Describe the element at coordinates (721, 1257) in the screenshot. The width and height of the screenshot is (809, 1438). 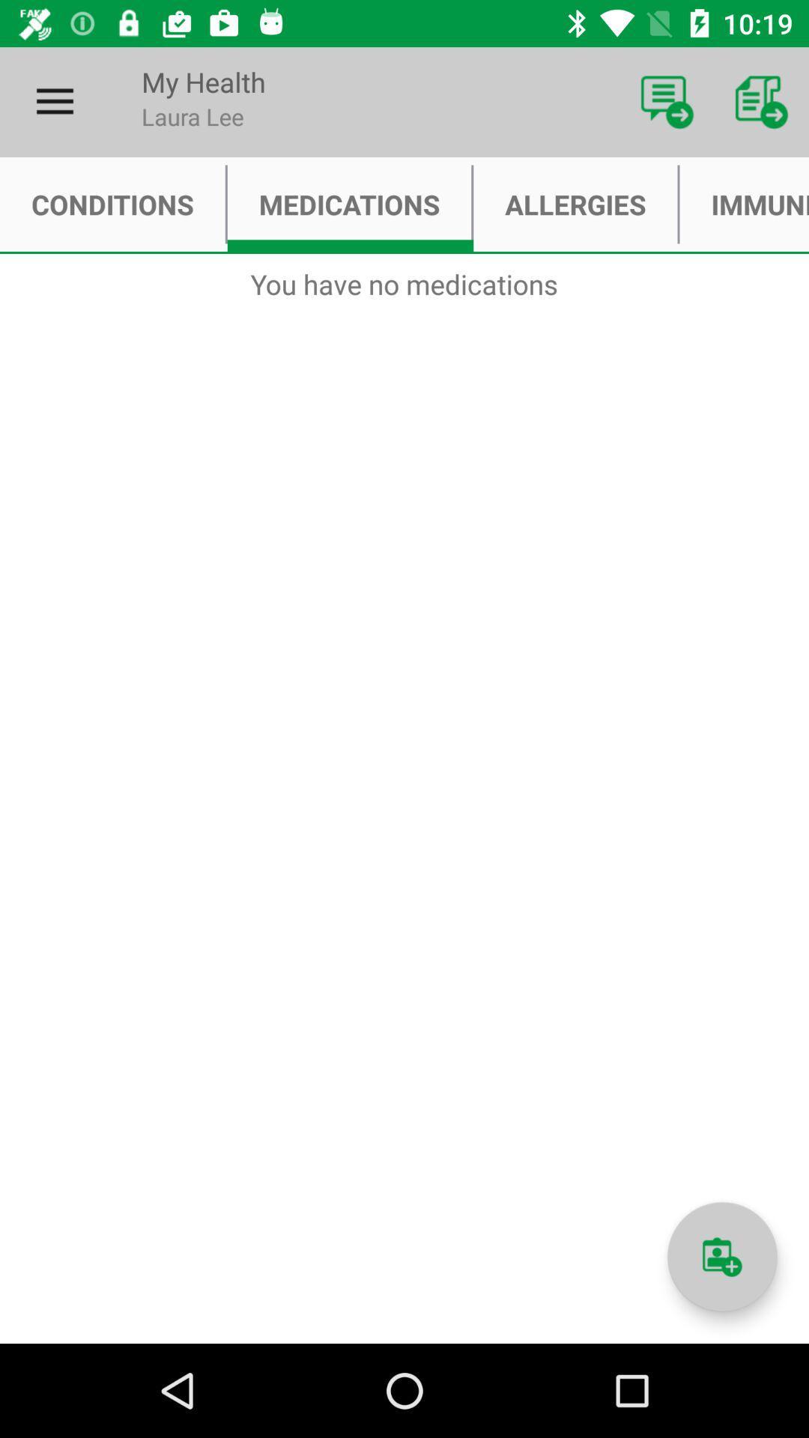
I see `information` at that location.